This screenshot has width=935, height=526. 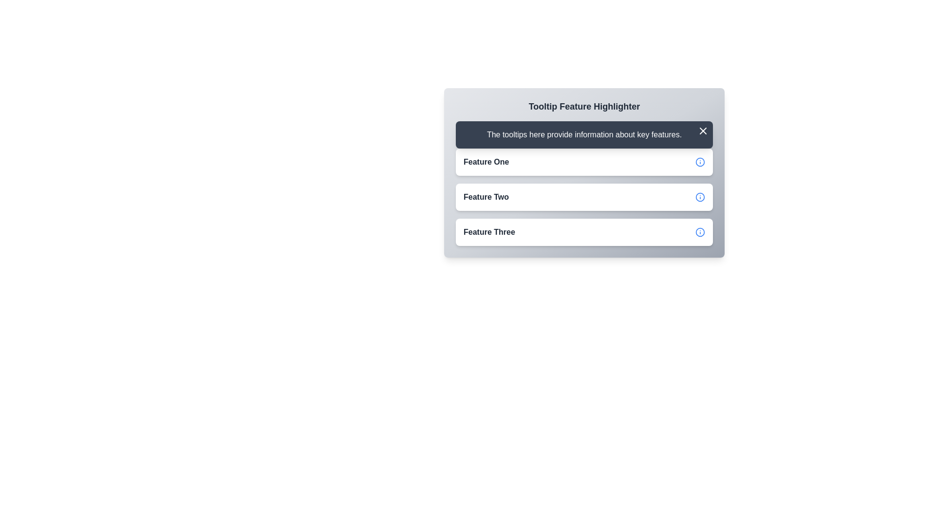 What do you see at coordinates (700, 232) in the screenshot?
I see `the button located to the far right of the 'Feature Three' row` at bounding box center [700, 232].